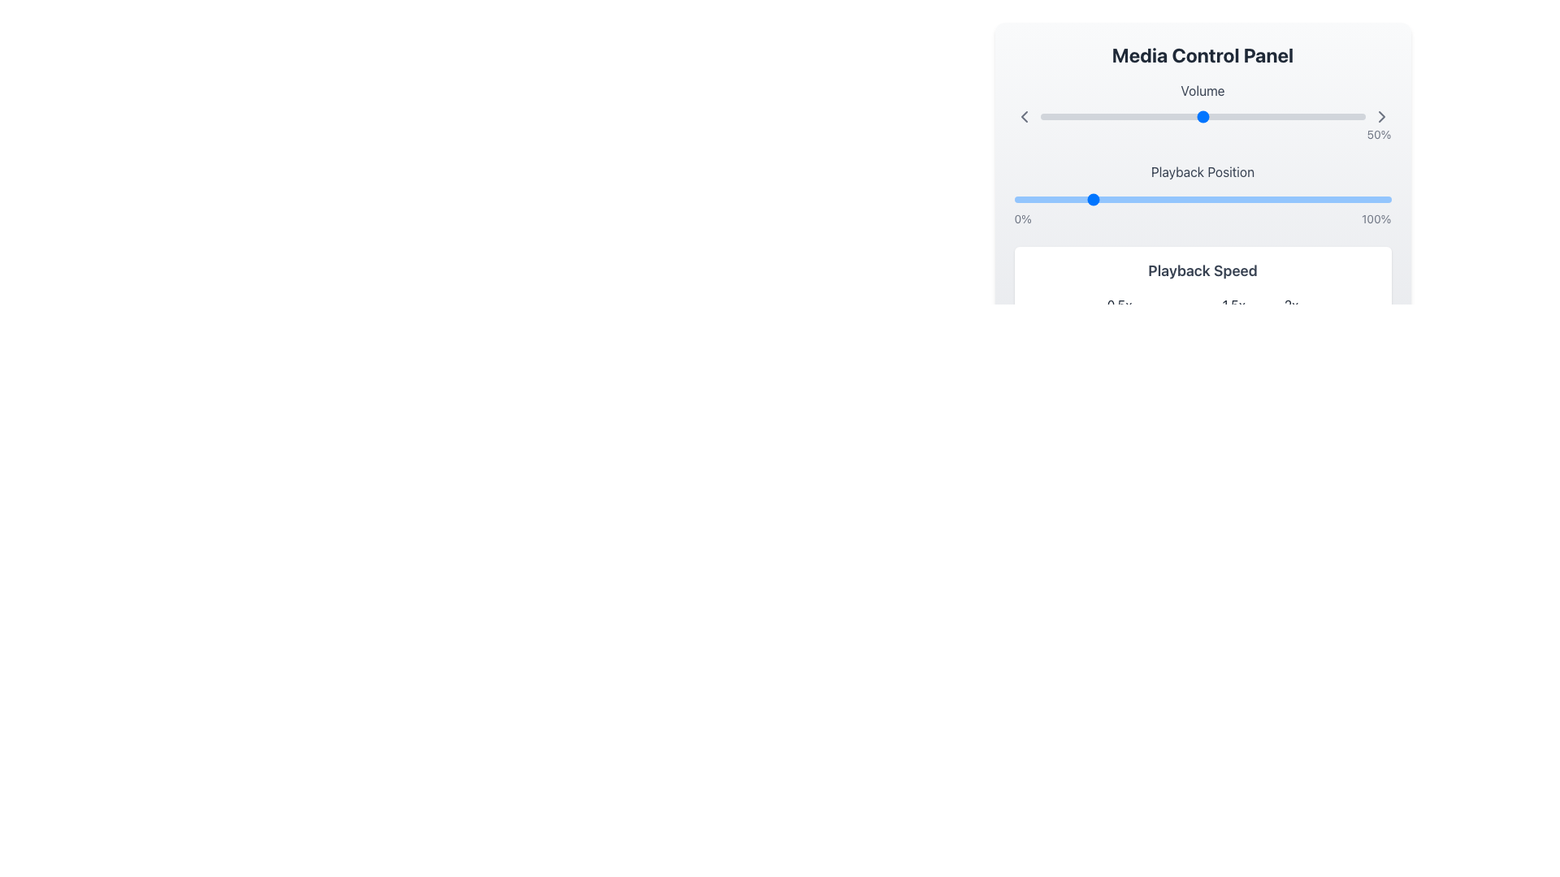 Image resolution: width=1560 pixels, height=877 pixels. Describe the element at coordinates (1202, 54) in the screenshot. I see `the header title Text Label at the top of the media control panel, which provides context for the features contained within` at that location.